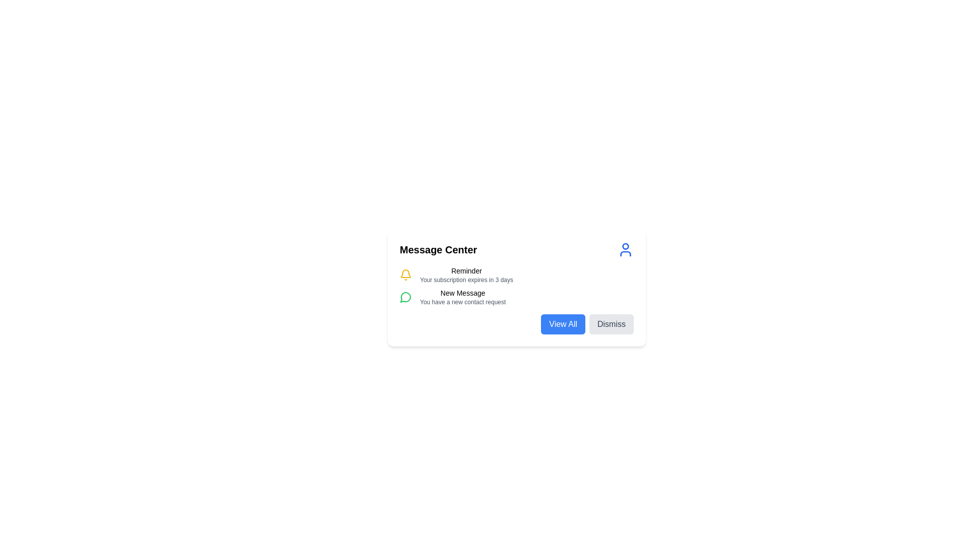  Describe the element at coordinates (438, 249) in the screenshot. I see `the 'Message Center' static text label, which is prominently displayed in bold, large font in the header area of the panel` at that location.